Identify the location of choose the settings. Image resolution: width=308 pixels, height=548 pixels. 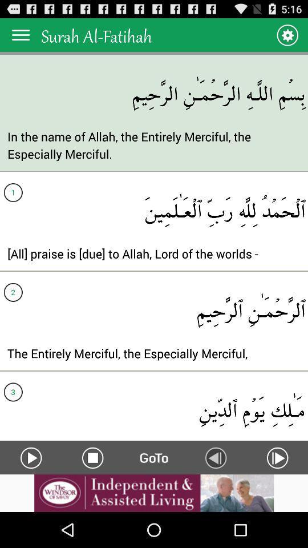
(286, 35).